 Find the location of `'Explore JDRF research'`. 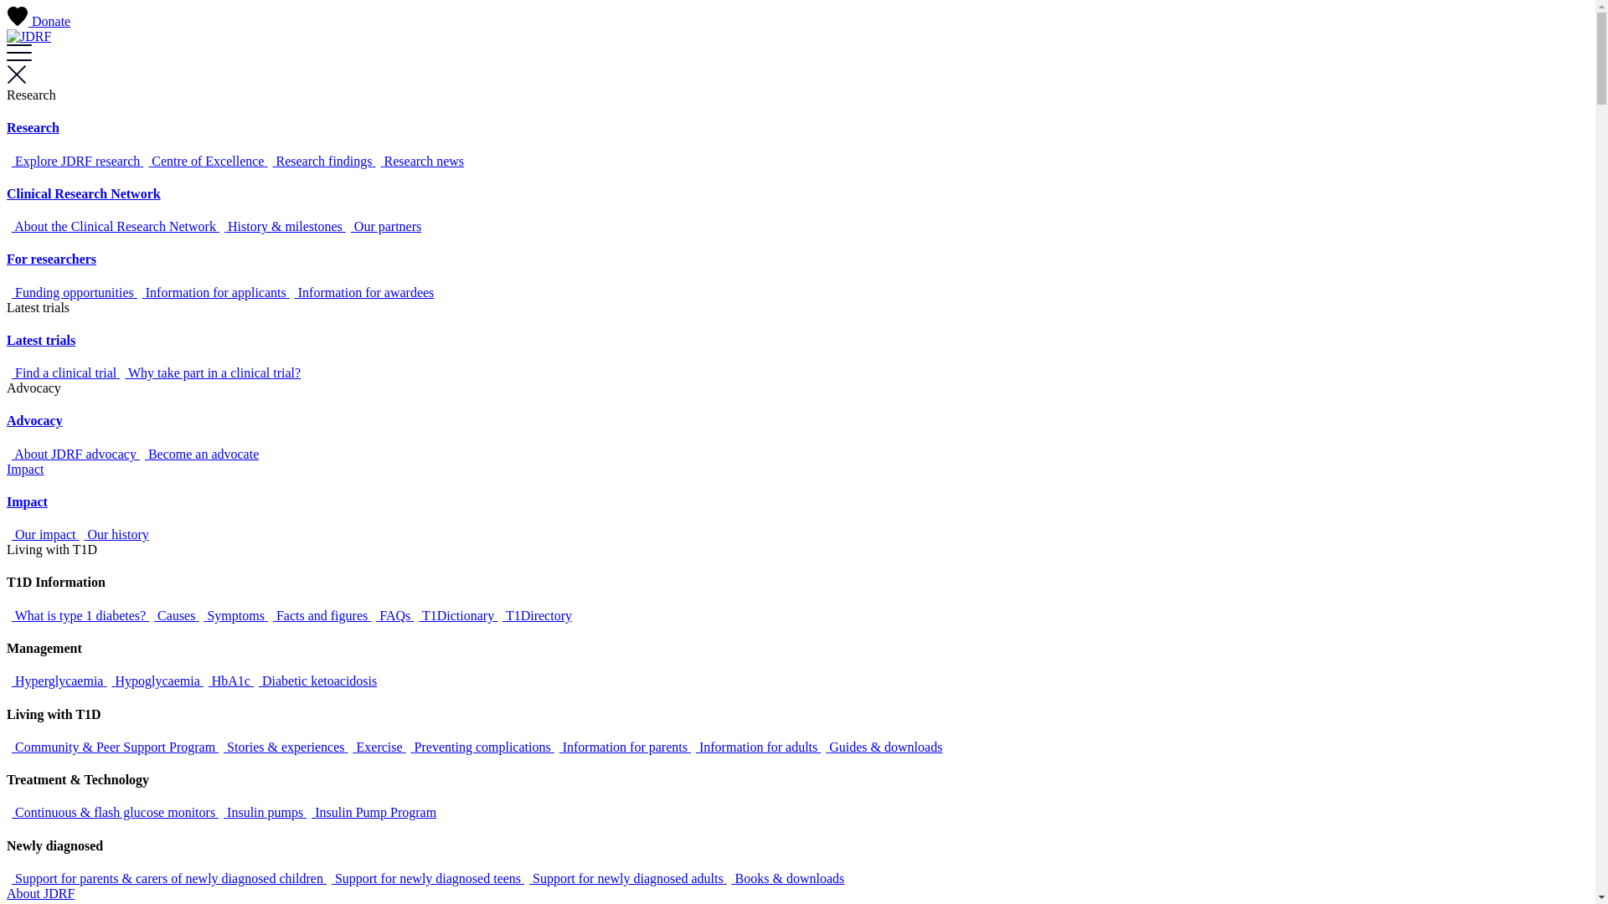

'Explore JDRF research' is located at coordinates (74, 161).